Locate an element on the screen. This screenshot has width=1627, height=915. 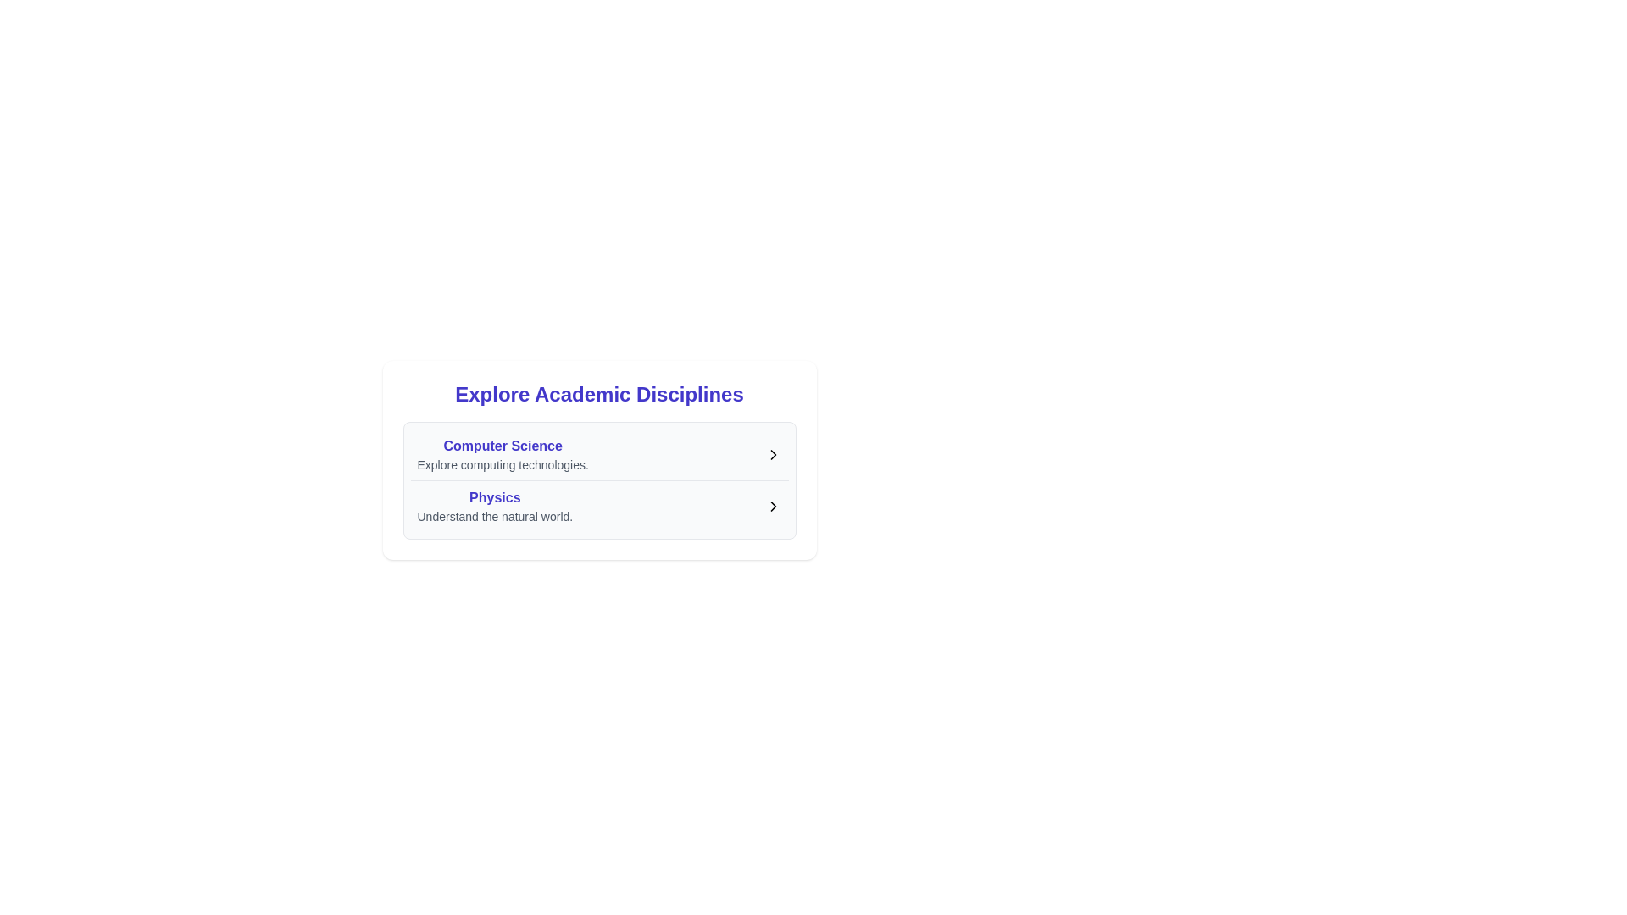
the descriptive subtitle text located below the 'Computer Science' title in the 'Explore Academic Disciplines' section is located at coordinates (502, 464).